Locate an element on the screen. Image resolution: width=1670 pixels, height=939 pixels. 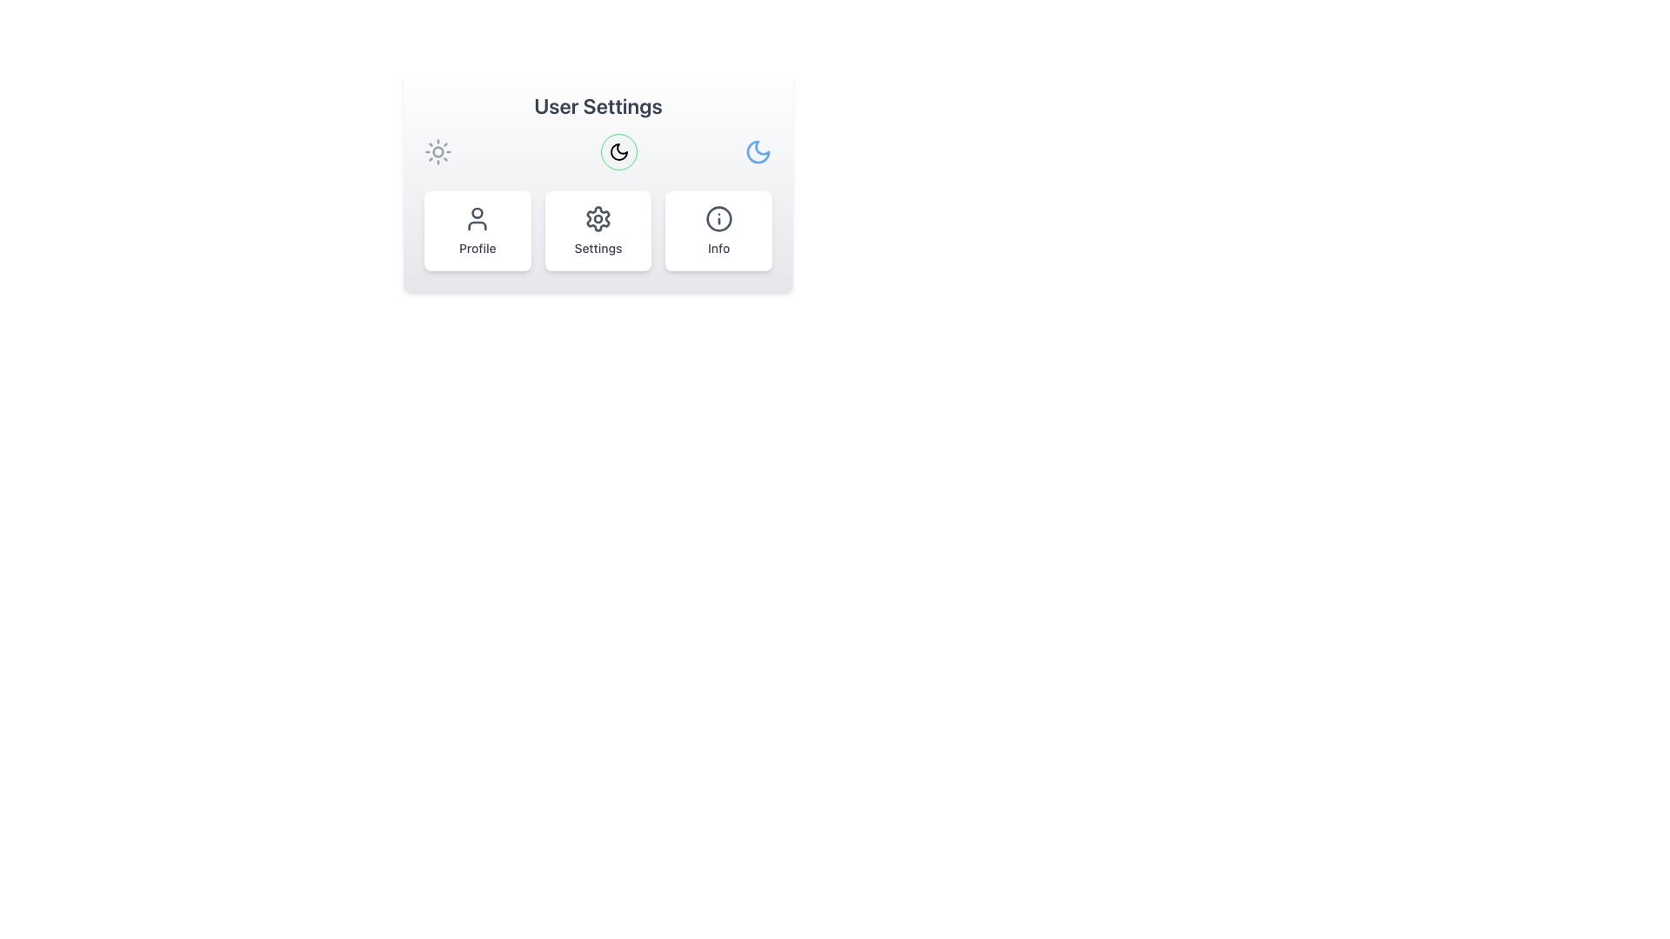
the 'Dark Mode' toggle icon located in the User Settings interface is located at coordinates (618, 150).